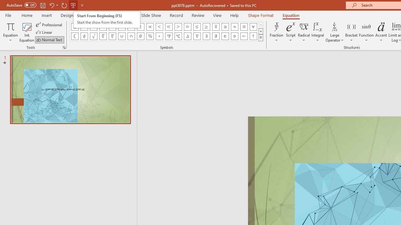 The width and height of the screenshot is (401, 225). Describe the element at coordinates (351, 32) in the screenshot. I see `'Bracket'` at that location.